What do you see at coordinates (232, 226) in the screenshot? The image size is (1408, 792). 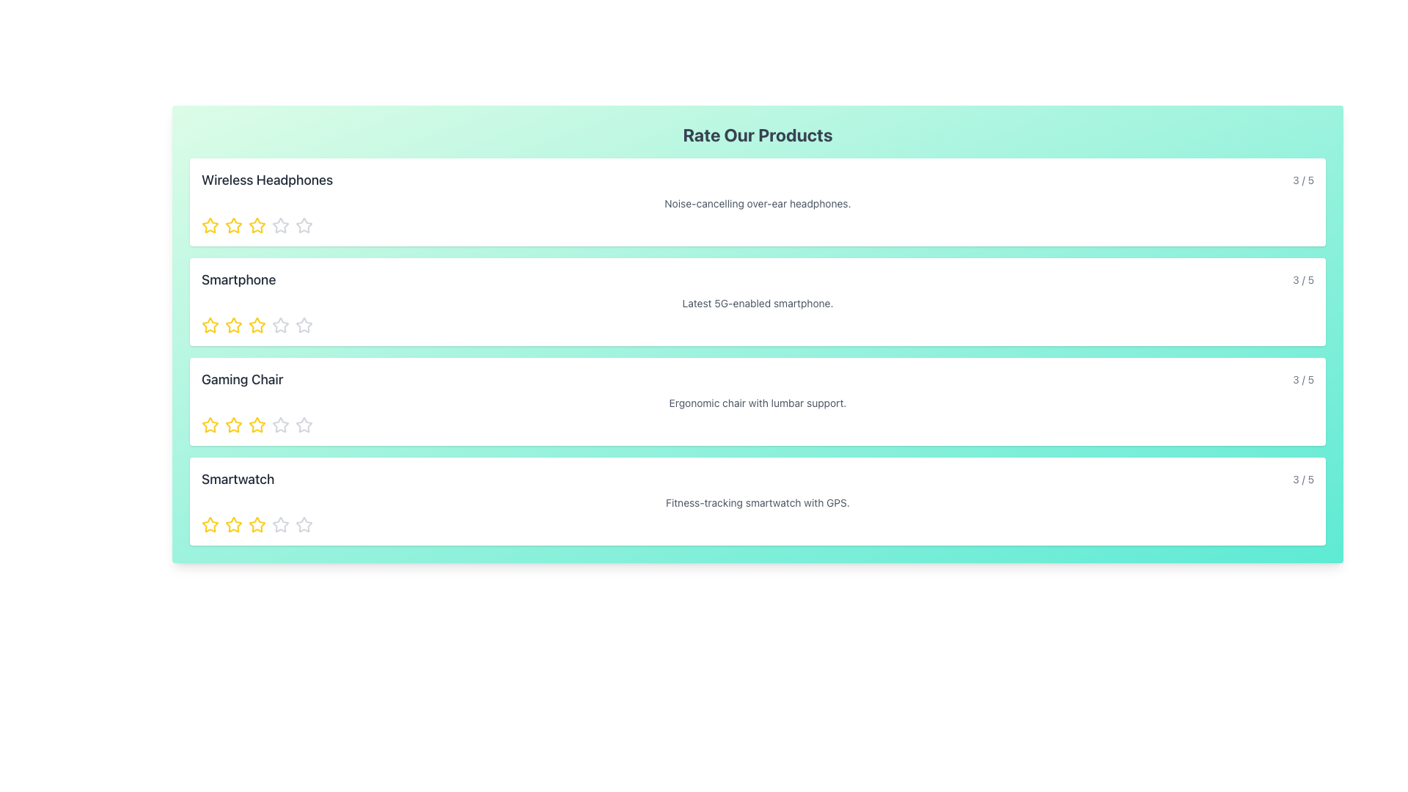 I see `the second yellow star icon` at bounding box center [232, 226].